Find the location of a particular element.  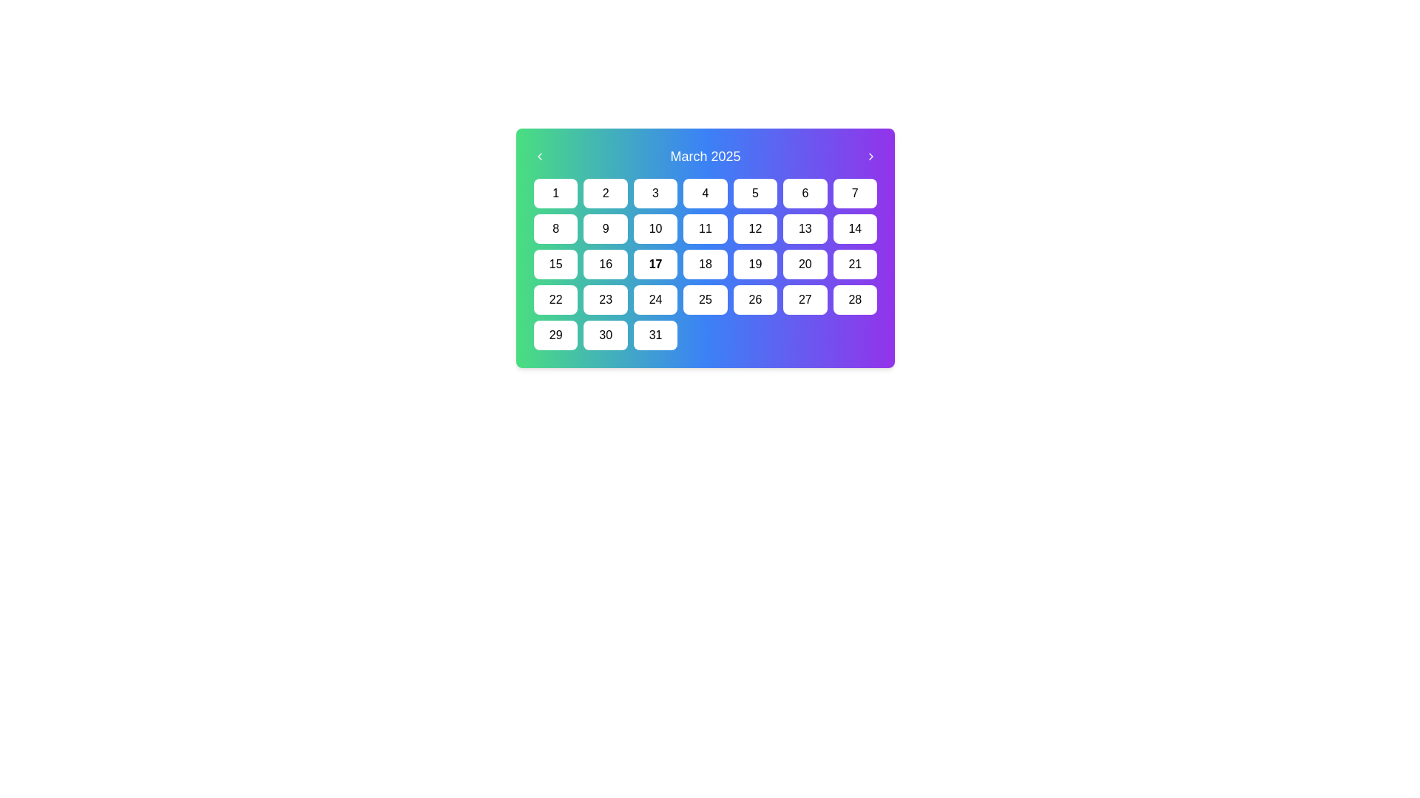

the square button with a white background and black text displaying the number '1', located in the top-left corner of the grid layout is located at coordinates (555, 193).